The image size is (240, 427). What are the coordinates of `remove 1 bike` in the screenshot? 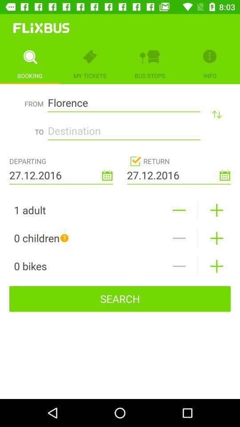 It's located at (179, 266).